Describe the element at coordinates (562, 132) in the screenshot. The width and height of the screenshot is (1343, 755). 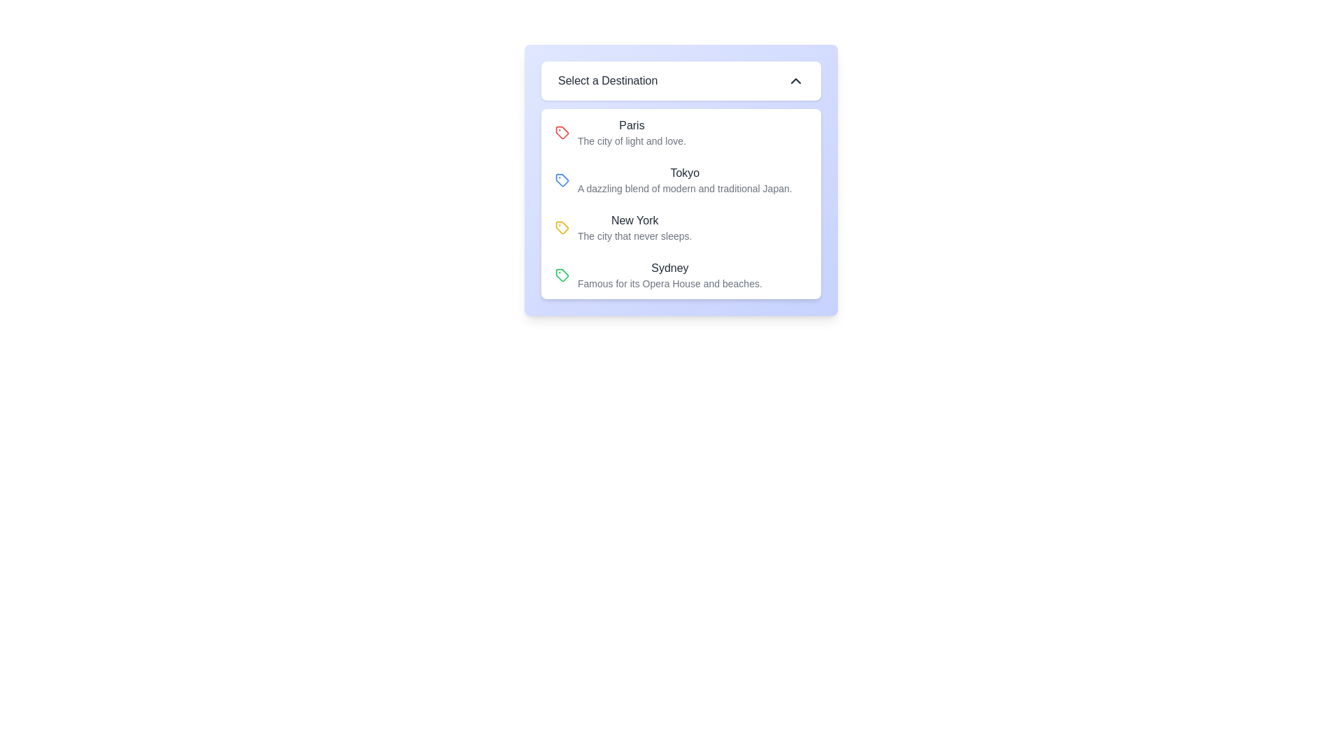
I see `the decorative icon associated with the destination 'Paris' located at the left of the text` at that location.